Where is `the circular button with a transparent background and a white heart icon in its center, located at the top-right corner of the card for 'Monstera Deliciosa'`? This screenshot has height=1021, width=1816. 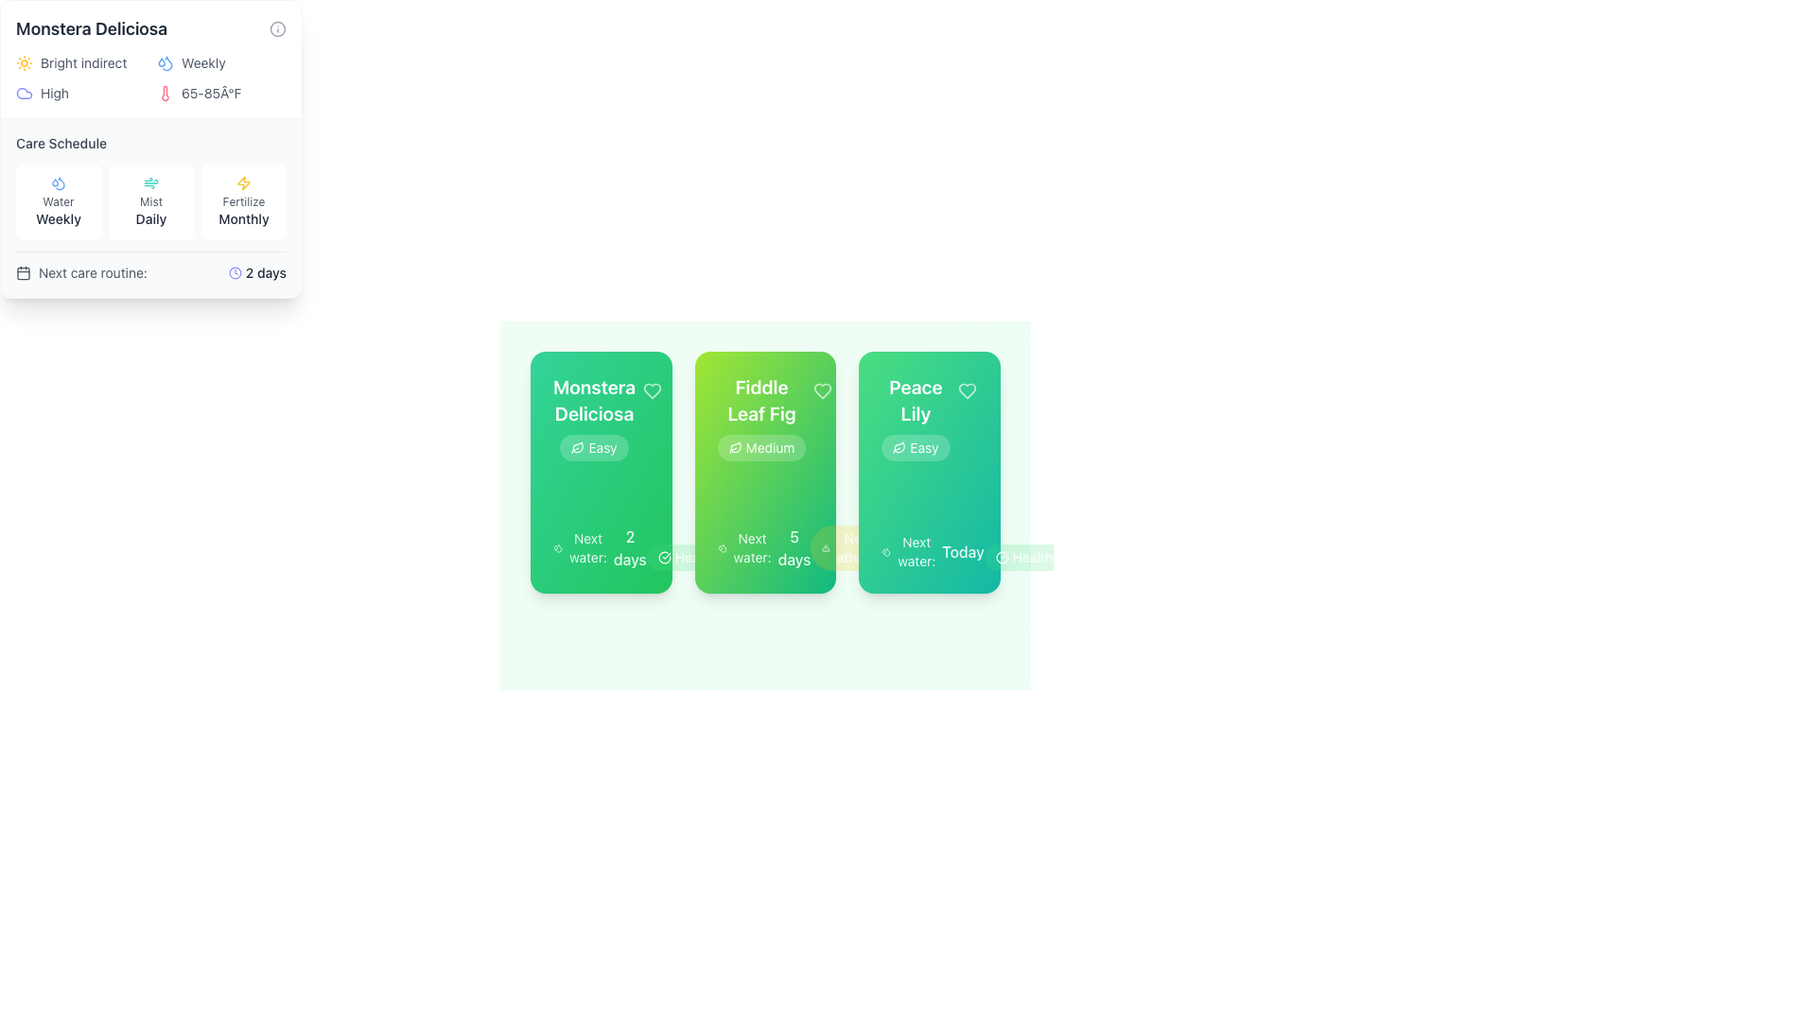 the circular button with a transparent background and a white heart icon in its center, located at the top-right corner of the card for 'Monstera Deliciosa' is located at coordinates (653, 389).